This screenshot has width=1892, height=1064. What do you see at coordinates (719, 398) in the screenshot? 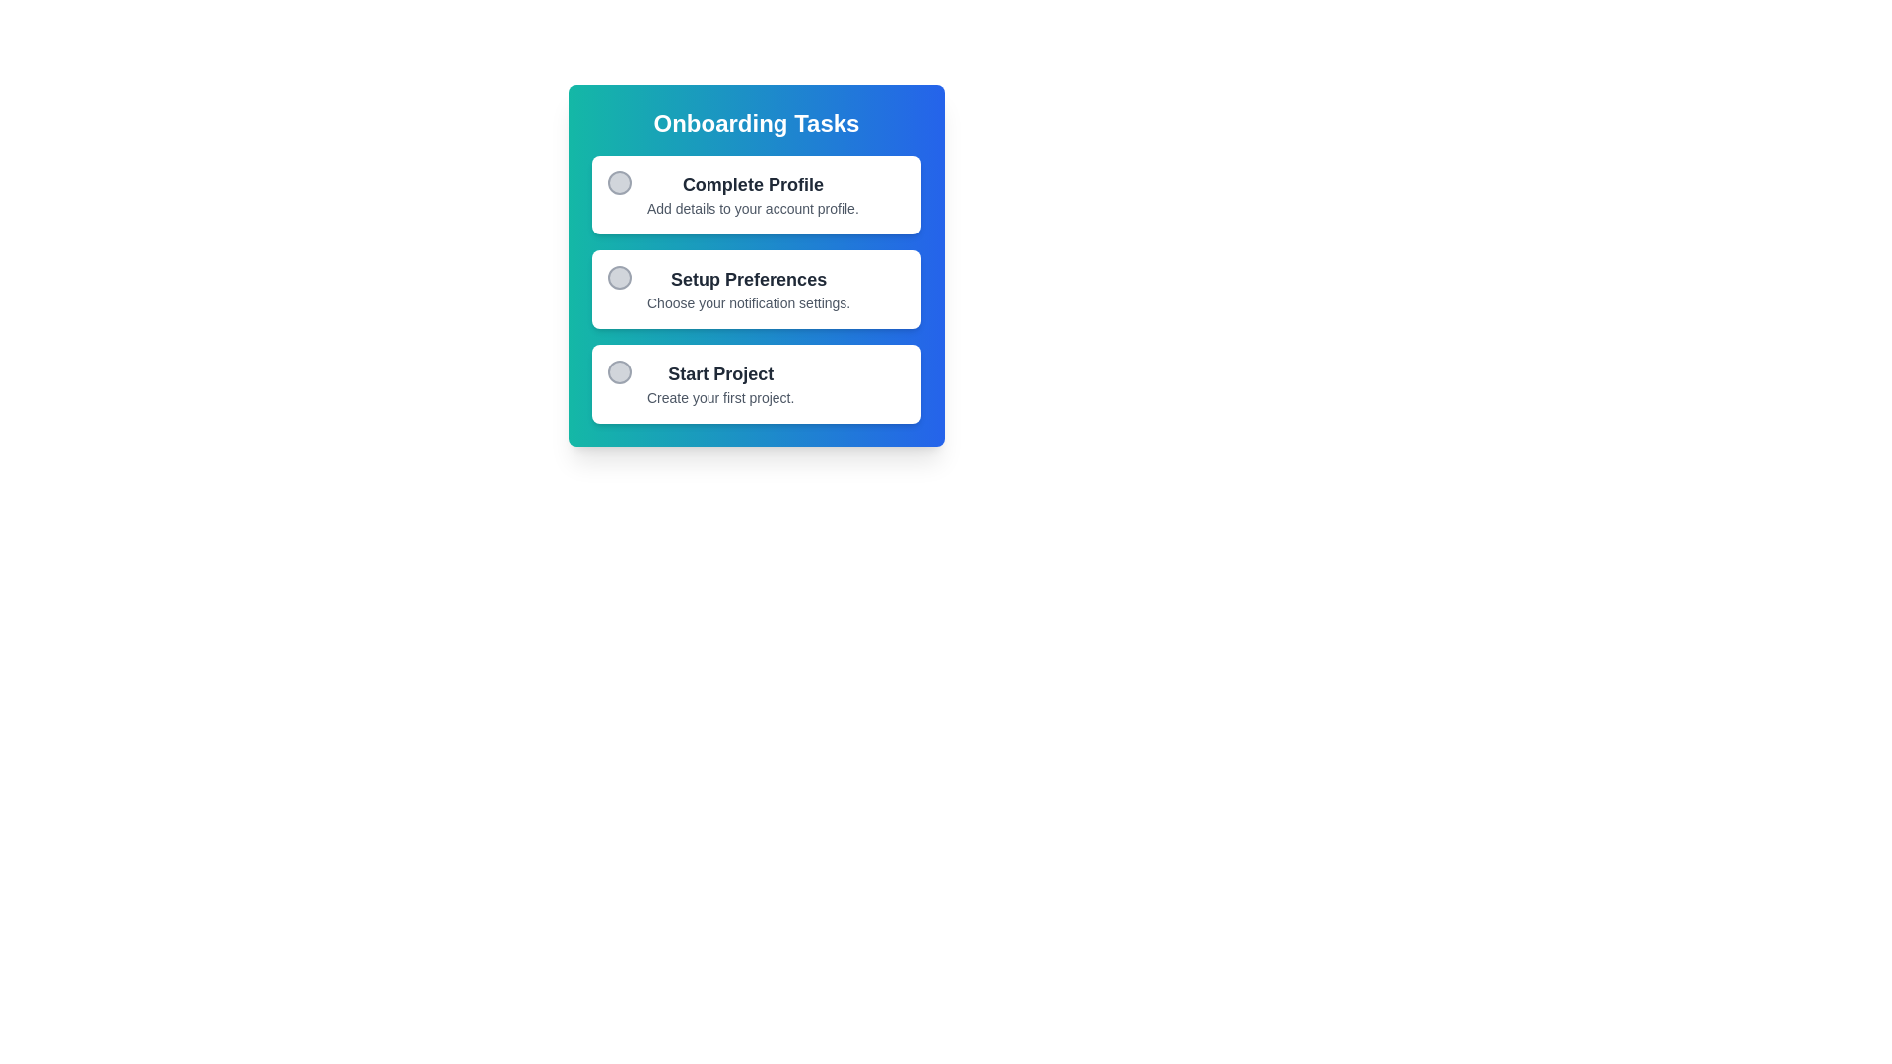
I see `the static text label that reads 'Create your first project.', which is styled in small gray text and located beneath the 'Start Project' heading in the onboarding task card` at bounding box center [719, 398].